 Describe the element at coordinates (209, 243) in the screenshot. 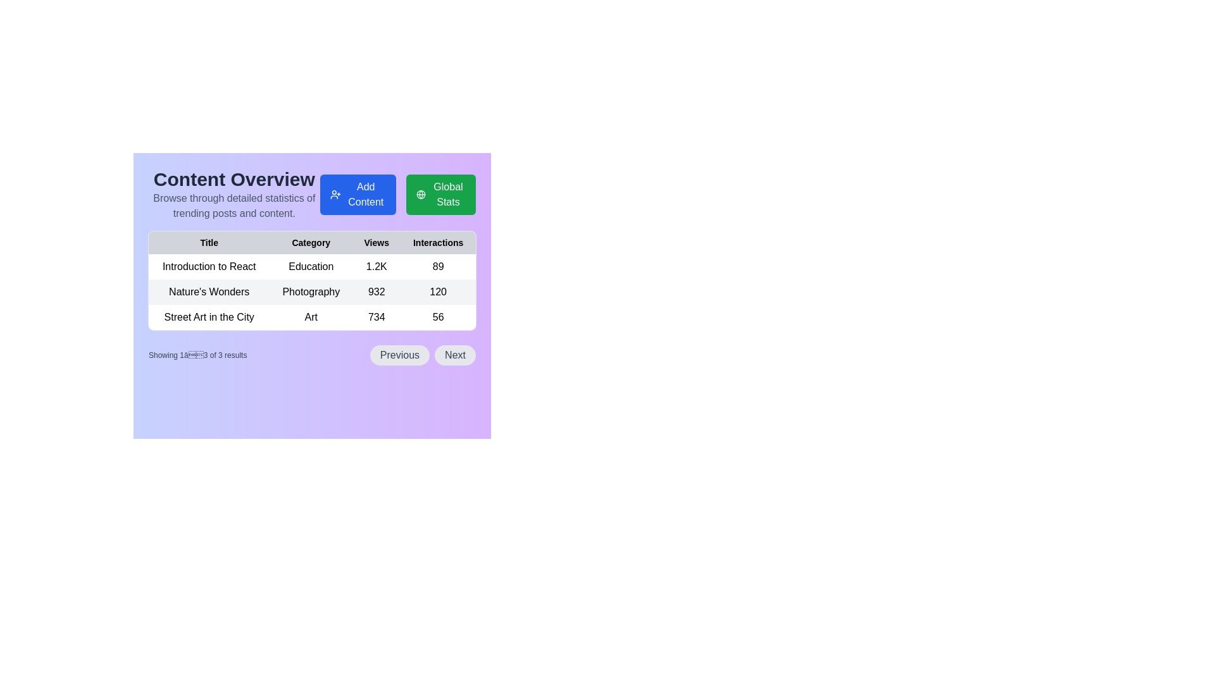

I see `the table header cell that describes the content of the first column in the table, which lists the titles of items` at that location.